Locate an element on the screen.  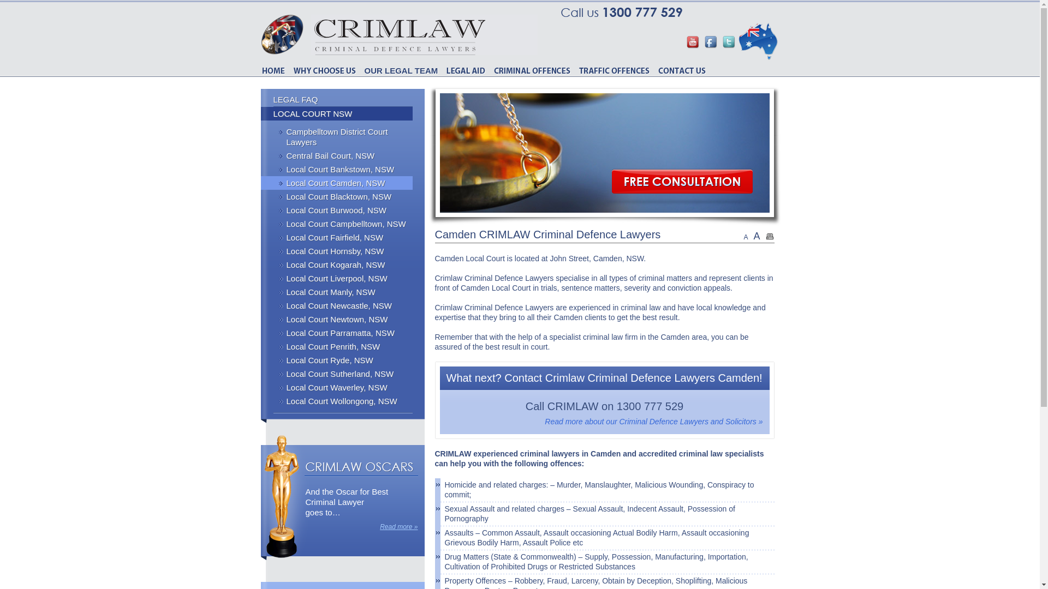
'Local Court Blacktown, NSW' is located at coordinates (336, 196).